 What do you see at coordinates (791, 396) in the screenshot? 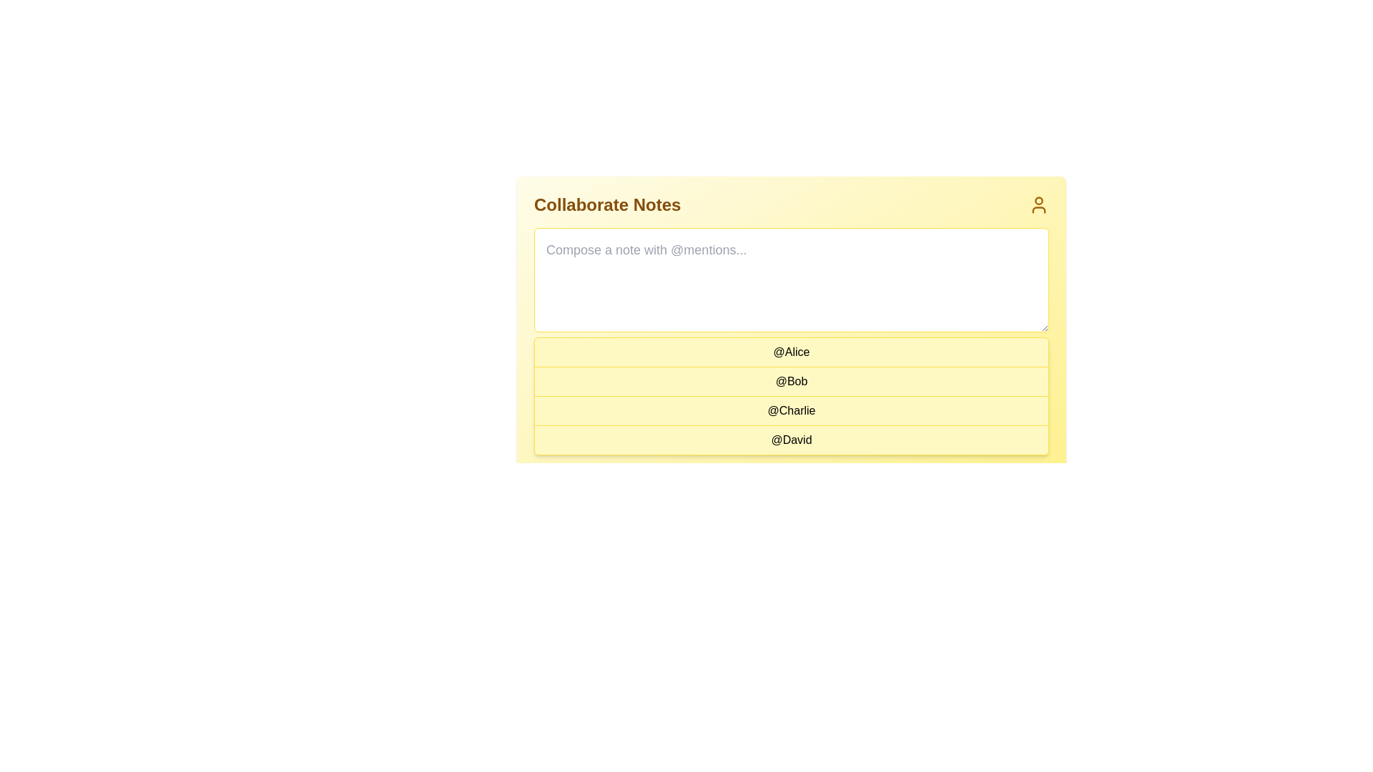
I see `the rows of the yellow interactive list element located just below the input text area, identifiable by its rounded corners and '@' prefixed text` at bounding box center [791, 396].